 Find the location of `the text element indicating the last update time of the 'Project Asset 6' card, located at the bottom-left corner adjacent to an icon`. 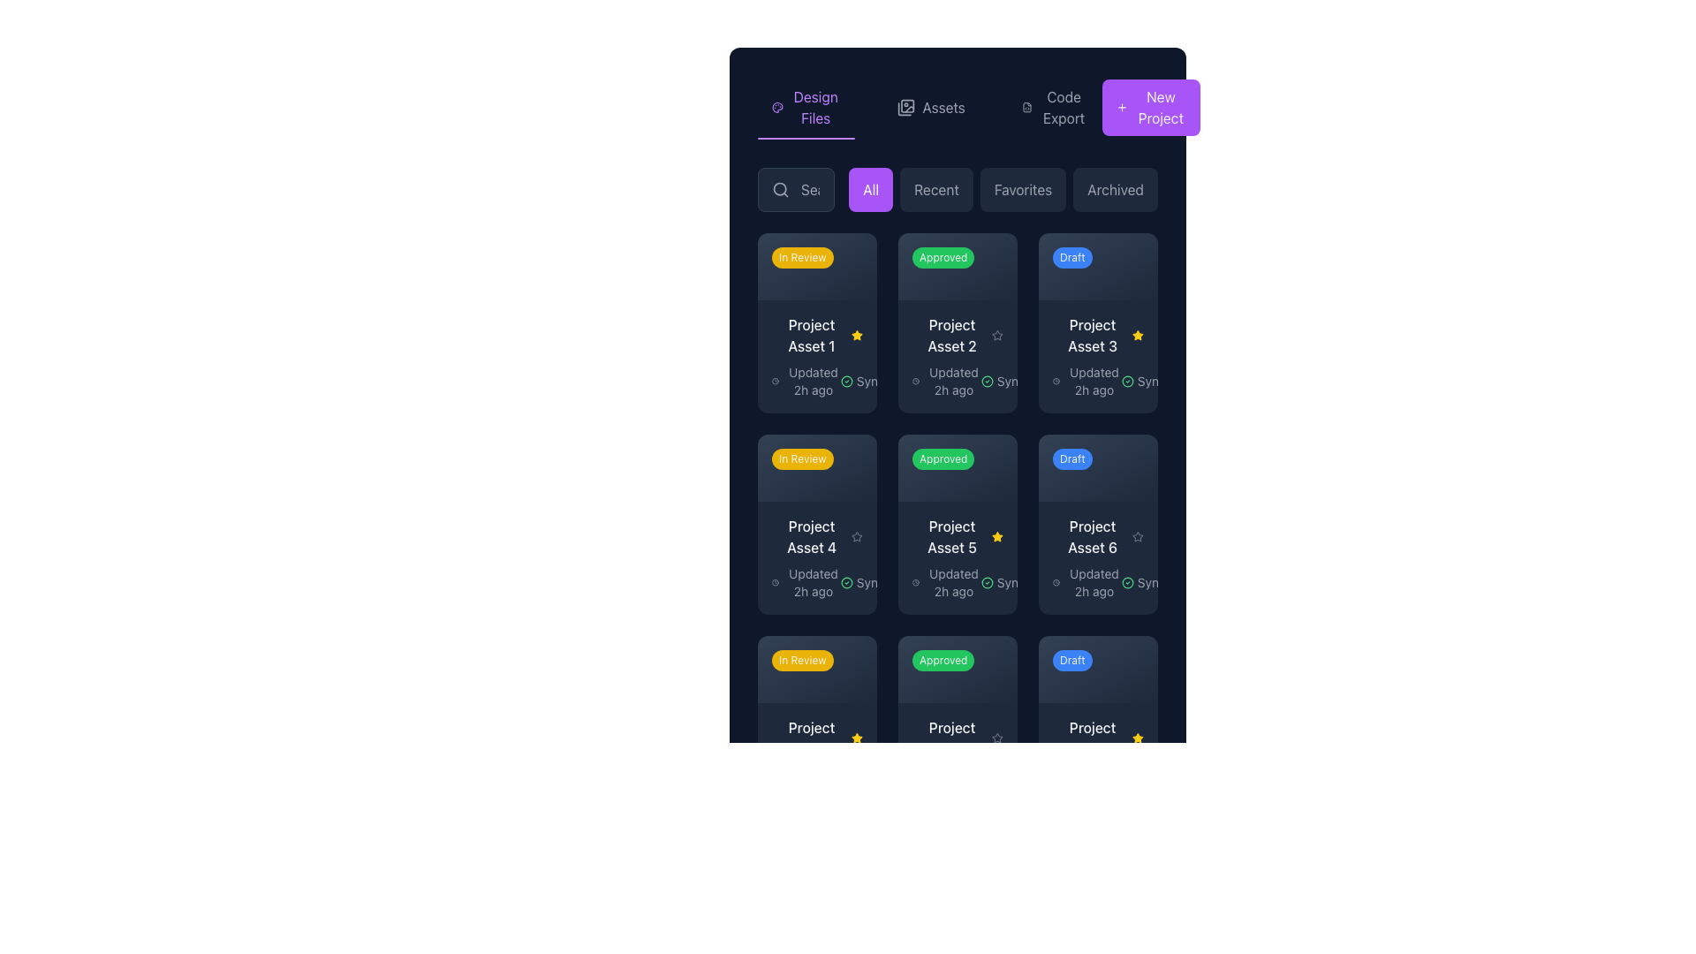

the text element indicating the last update time of the 'Project Asset 6' card, located at the bottom-left corner adjacent to an icon is located at coordinates (1093, 582).